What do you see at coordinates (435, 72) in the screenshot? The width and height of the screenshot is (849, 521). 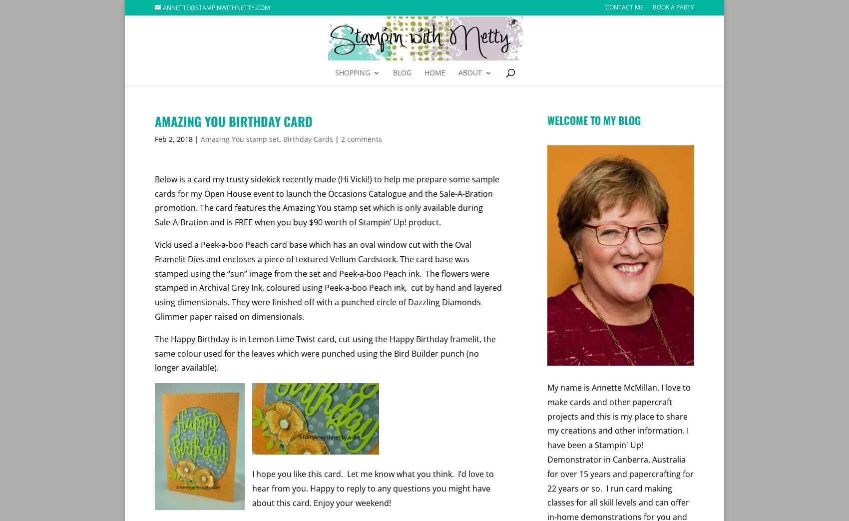 I see `'Home'` at bounding box center [435, 72].